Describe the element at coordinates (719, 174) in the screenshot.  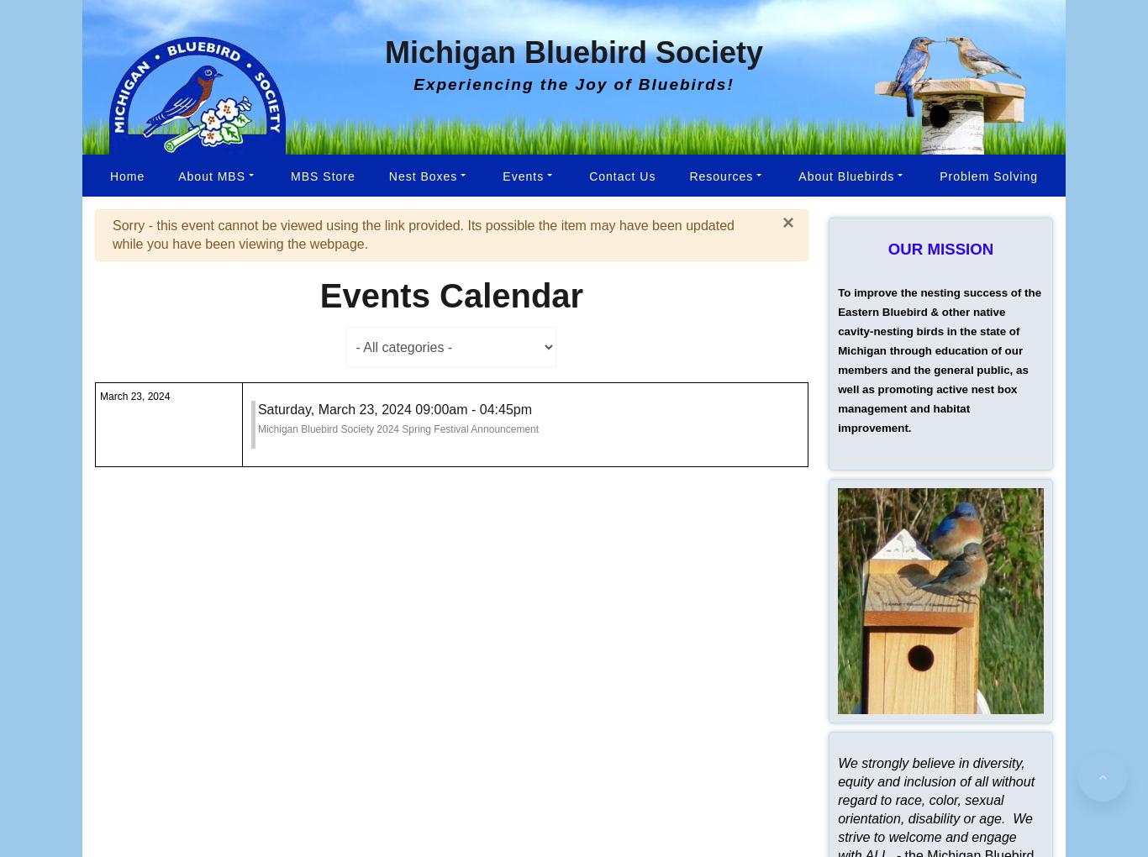
I see `'Resources'` at that location.